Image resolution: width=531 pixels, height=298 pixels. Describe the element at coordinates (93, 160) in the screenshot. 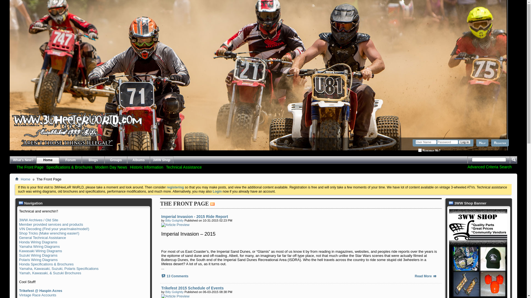

I see `'Blogs'` at that location.